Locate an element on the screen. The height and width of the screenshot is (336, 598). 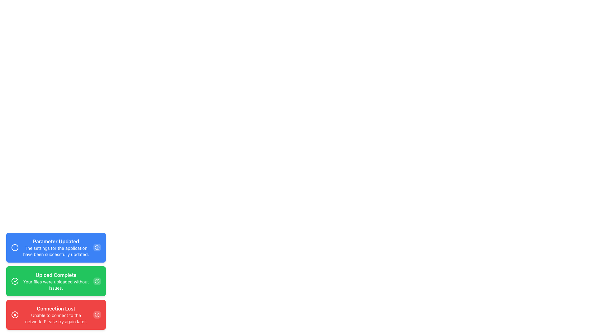
the Notification Banner, which is the topmost notification box indicating that application settings have been successfully updated is located at coordinates (56, 247).